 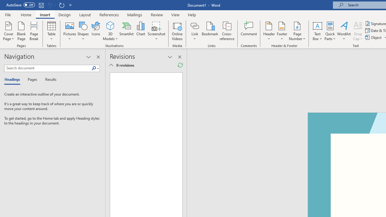 What do you see at coordinates (49, 80) in the screenshot?
I see `'Results'` at bounding box center [49, 80].